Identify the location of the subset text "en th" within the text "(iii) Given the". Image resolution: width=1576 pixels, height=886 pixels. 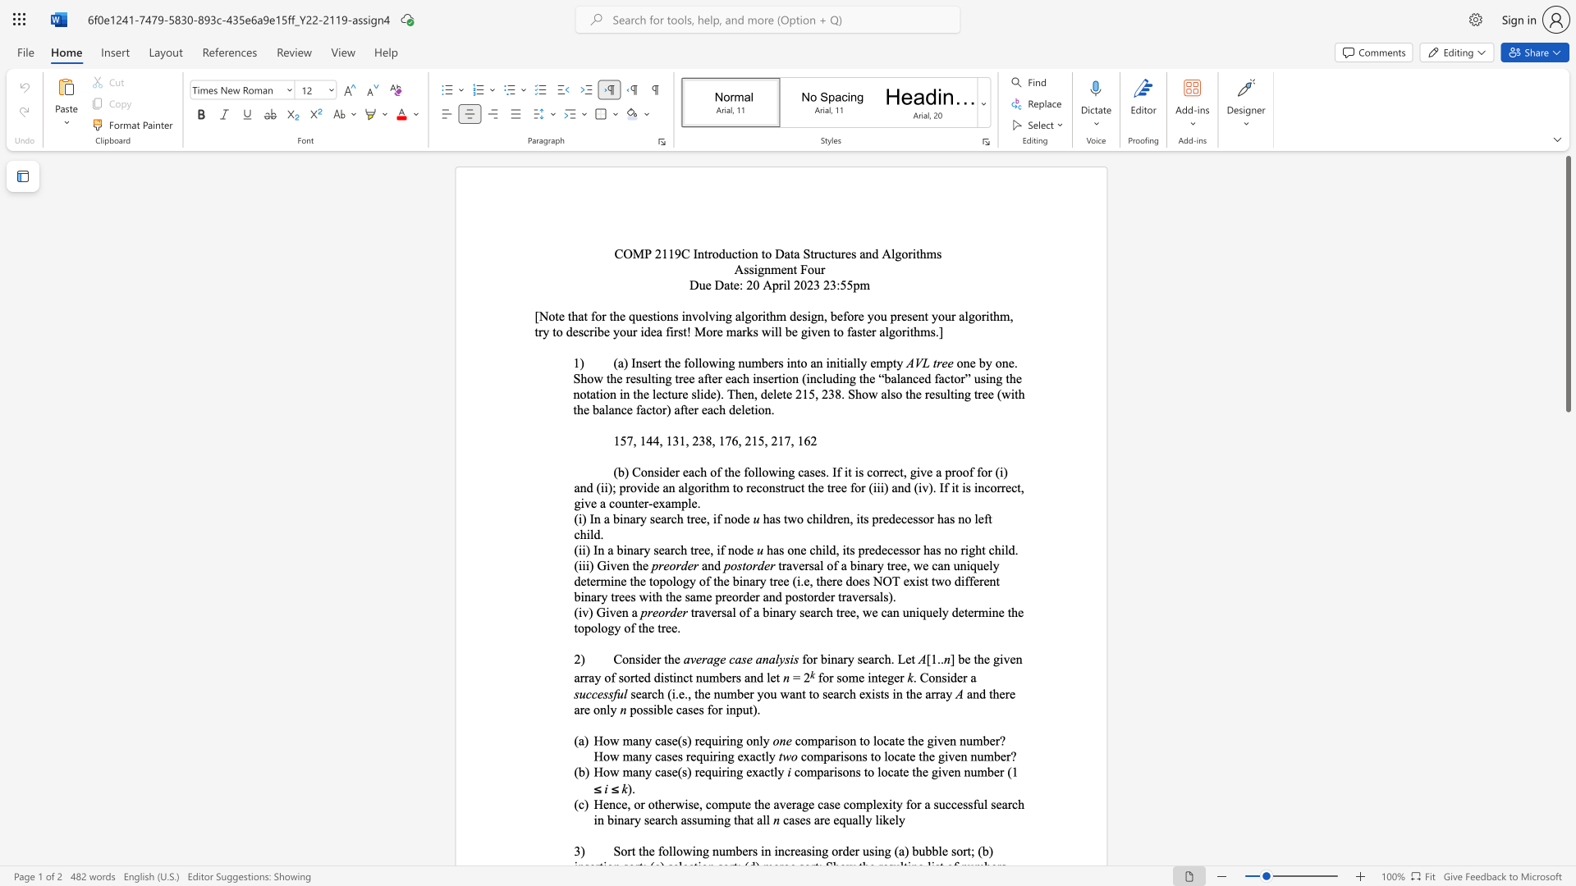
(616, 564).